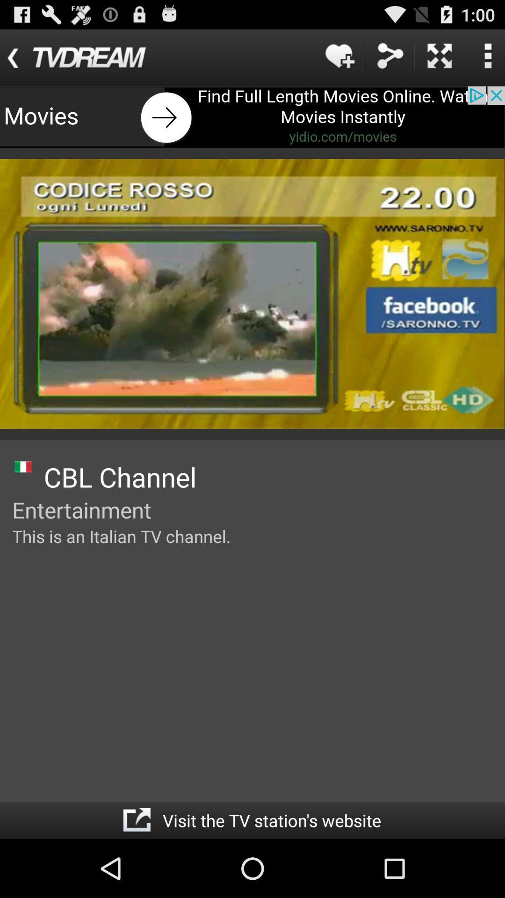 This screenshot has width=505, height=898. Describe the element at coordinates (137, 820) in the screenshot. I see `visit the station you on ons website` at that location.